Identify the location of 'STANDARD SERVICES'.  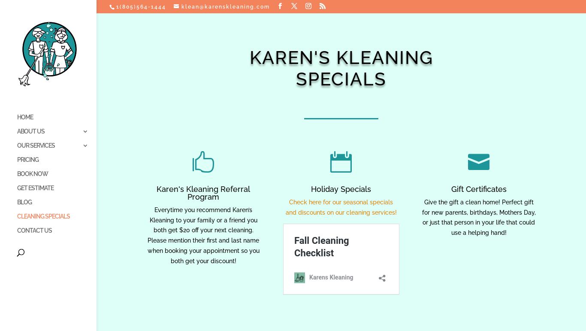
(142, 145).